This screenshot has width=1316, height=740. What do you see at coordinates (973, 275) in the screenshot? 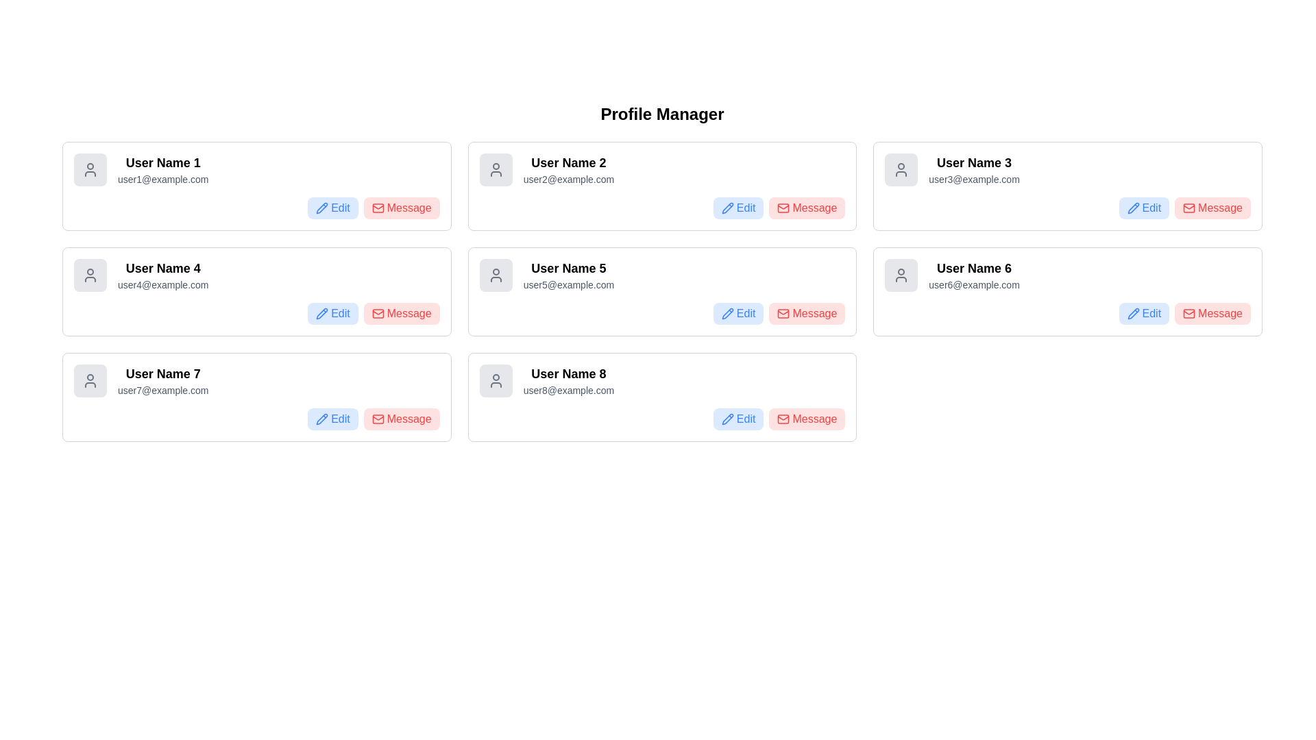
I see `the Text Display Block that shows 'User Name 6' located in the second row, second column under the 'Profile Manager' header` at bounding box center [973, 275].